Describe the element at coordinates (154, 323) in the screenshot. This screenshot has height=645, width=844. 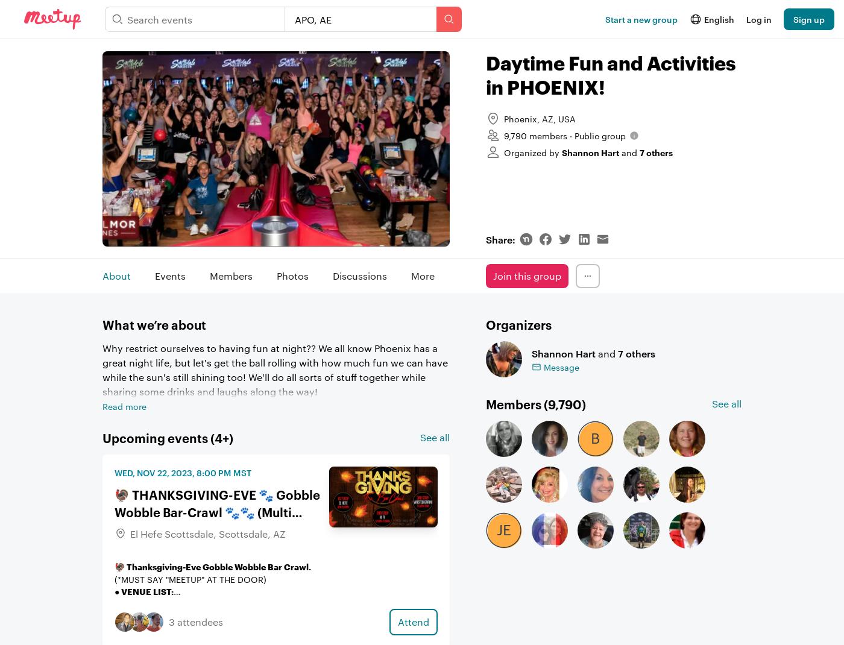
I see `'What we’re about'` at that location.